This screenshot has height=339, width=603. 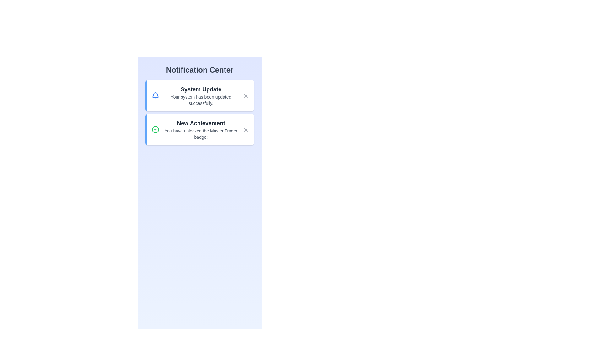 What do you see at coordinates (200, 123) in the screenshot?
I see `the 'New Achievement' text element that displays prominently in the notification card layout, even though it is marked as non-interactive` at bounding box center [200, 123].